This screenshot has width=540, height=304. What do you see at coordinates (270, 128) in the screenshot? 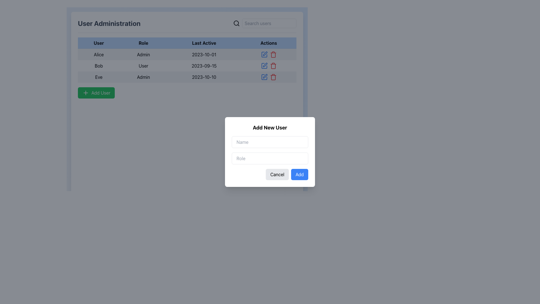
I see `the text label that serves as the title of the modal dialogue box for adding a new user, positioned at the top center of the modal` at bounding box center [270, 128].